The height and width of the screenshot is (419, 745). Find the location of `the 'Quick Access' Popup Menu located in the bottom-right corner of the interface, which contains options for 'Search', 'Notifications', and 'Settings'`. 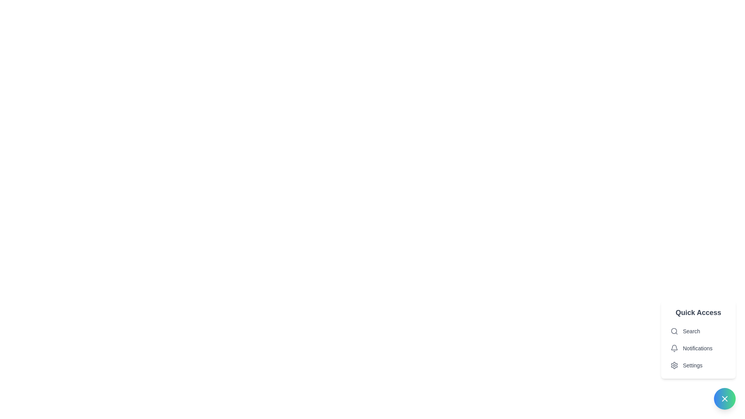

the 'Quick Access' Popup Menu located in the bottom-right corner of the interface, which contains options for 'Search', 'Notifications', and 'Settings' is located at coordinates (698, 339).